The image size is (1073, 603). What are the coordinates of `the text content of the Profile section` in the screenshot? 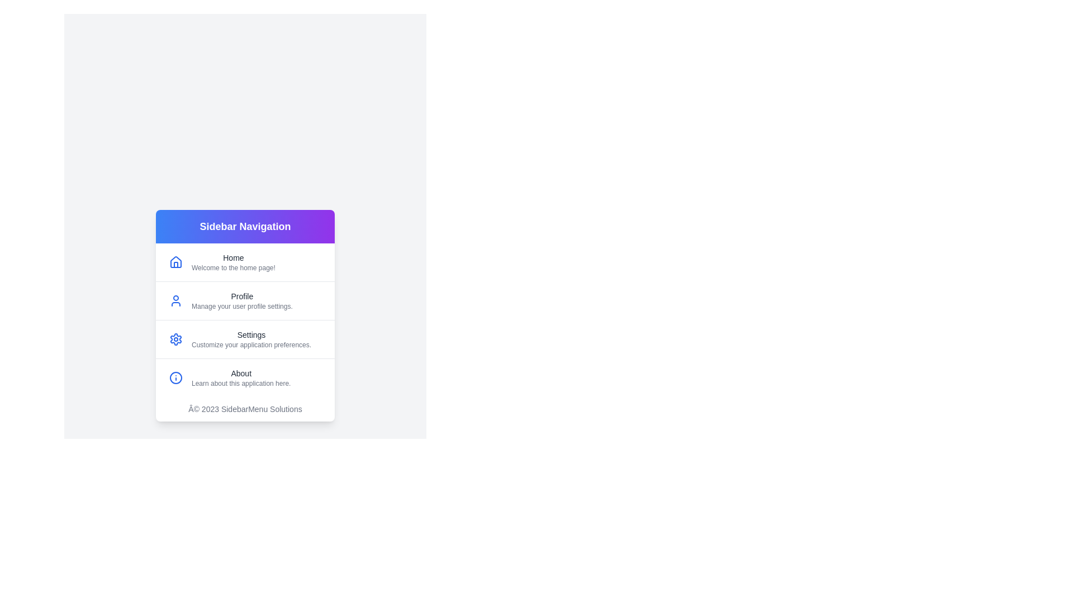 It's located at (191, 295).